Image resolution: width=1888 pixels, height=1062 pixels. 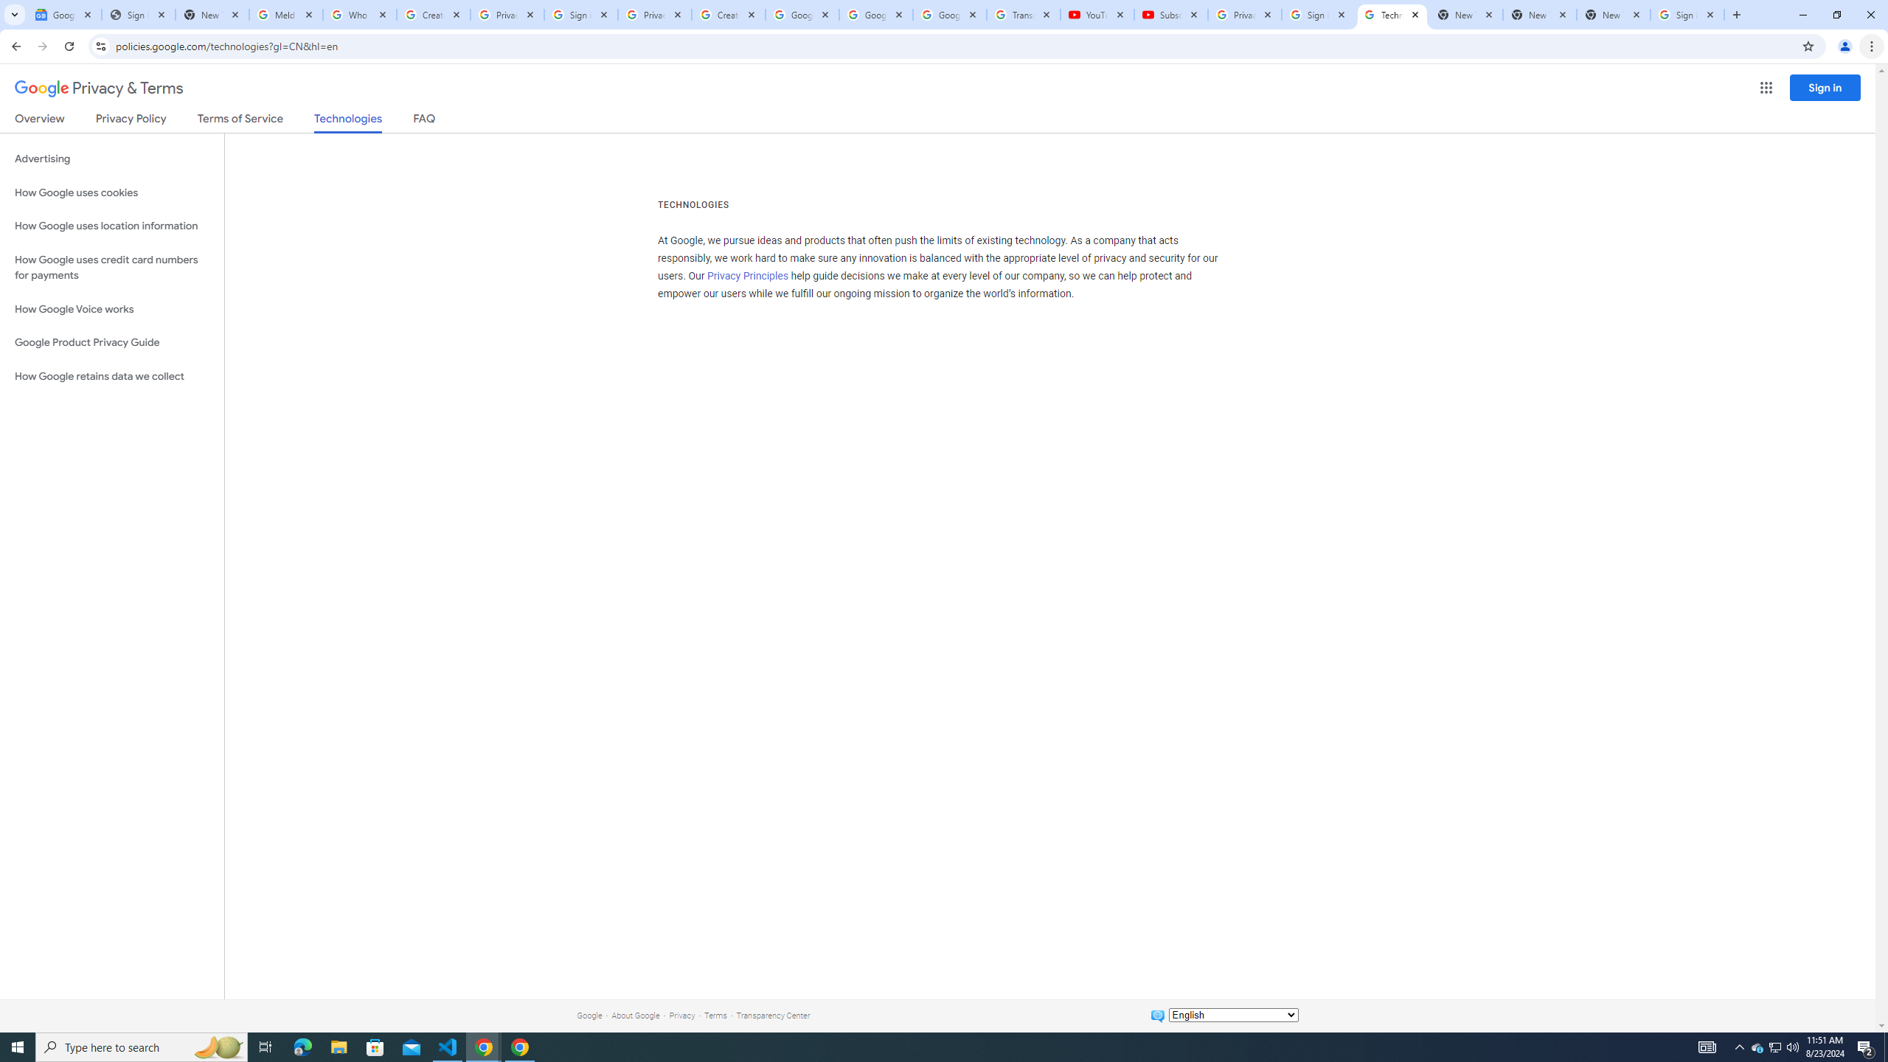 I want to click on 'How Google uses cookies', so click(x=111, y=192).